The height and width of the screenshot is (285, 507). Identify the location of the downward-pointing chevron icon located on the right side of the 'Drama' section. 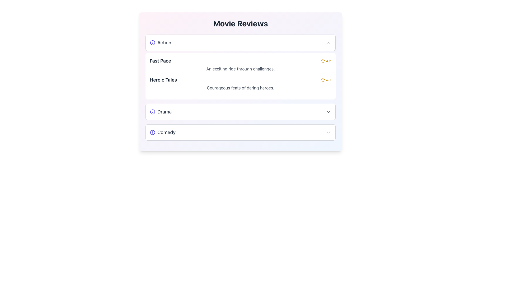
(328, 112).